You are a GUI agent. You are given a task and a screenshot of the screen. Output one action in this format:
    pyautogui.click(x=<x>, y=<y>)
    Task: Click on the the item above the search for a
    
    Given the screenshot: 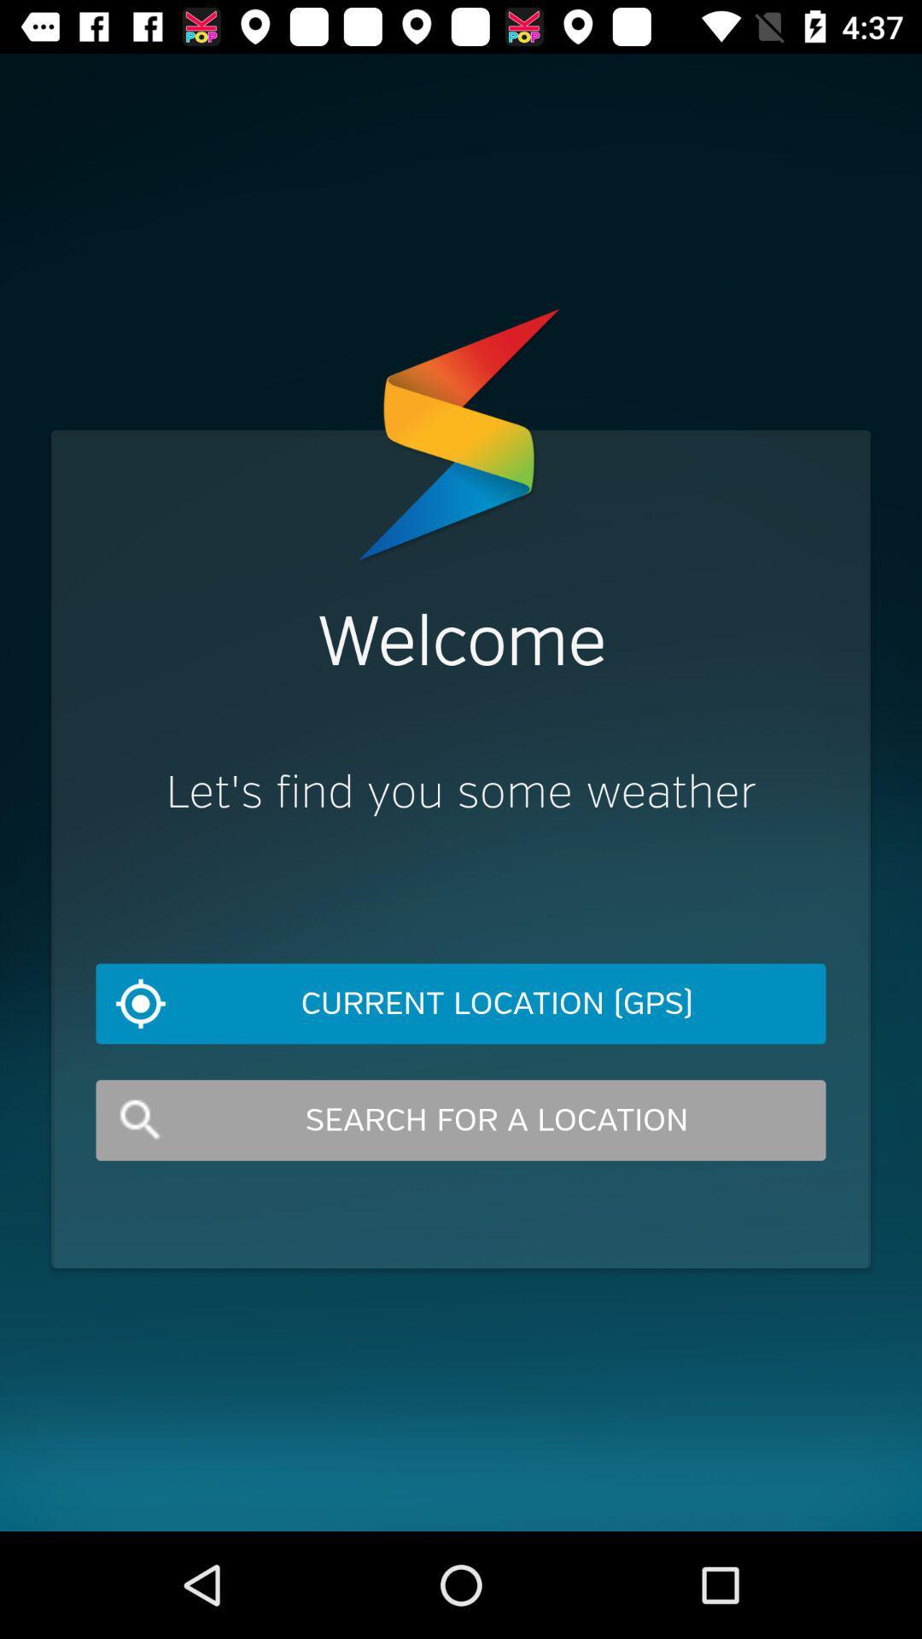 What is the action you would take?
    pyautogui.click(x=461, y=1004)
    